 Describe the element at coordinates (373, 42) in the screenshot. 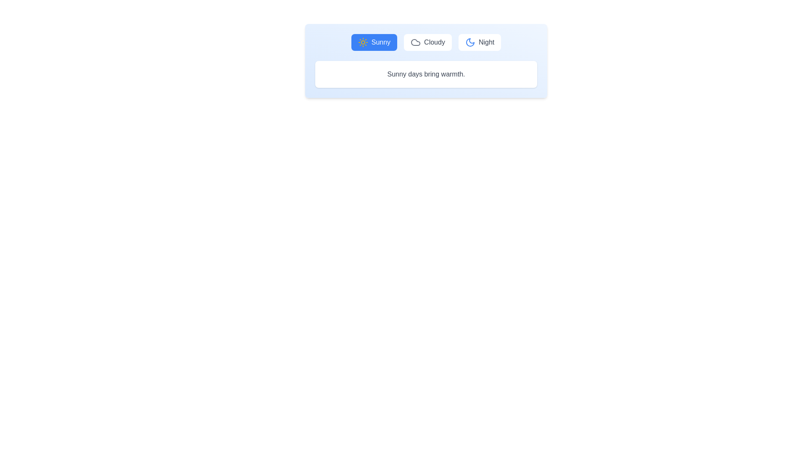

I see `the Sunny tab by clicking on it` at that location.